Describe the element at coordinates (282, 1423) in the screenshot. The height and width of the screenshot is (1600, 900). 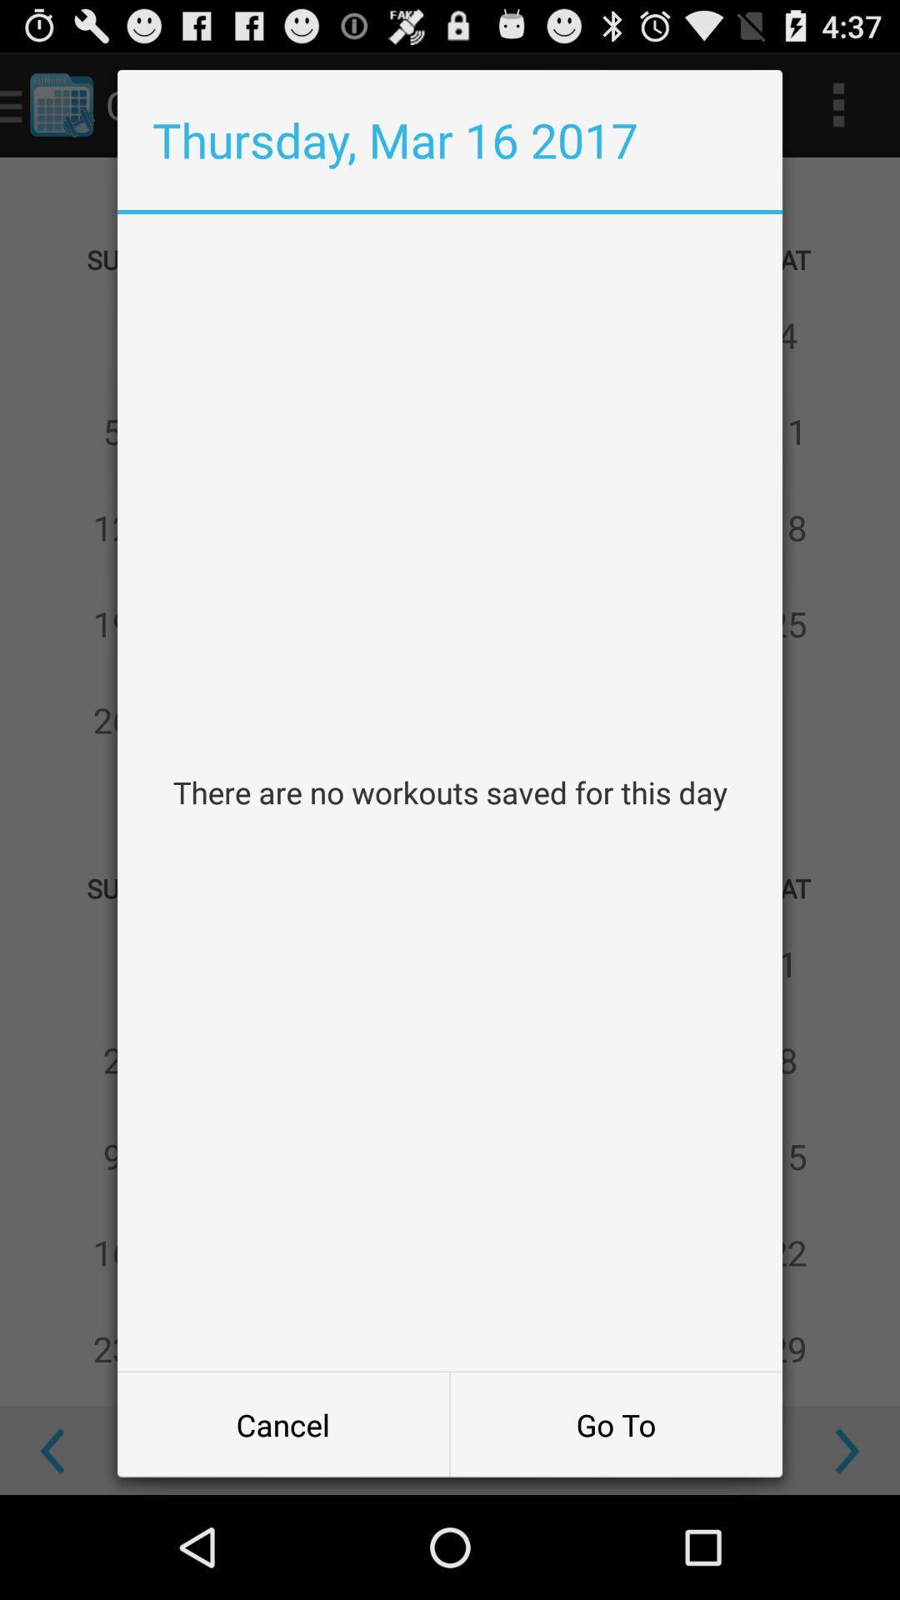
I see `the cancel item` at that location.